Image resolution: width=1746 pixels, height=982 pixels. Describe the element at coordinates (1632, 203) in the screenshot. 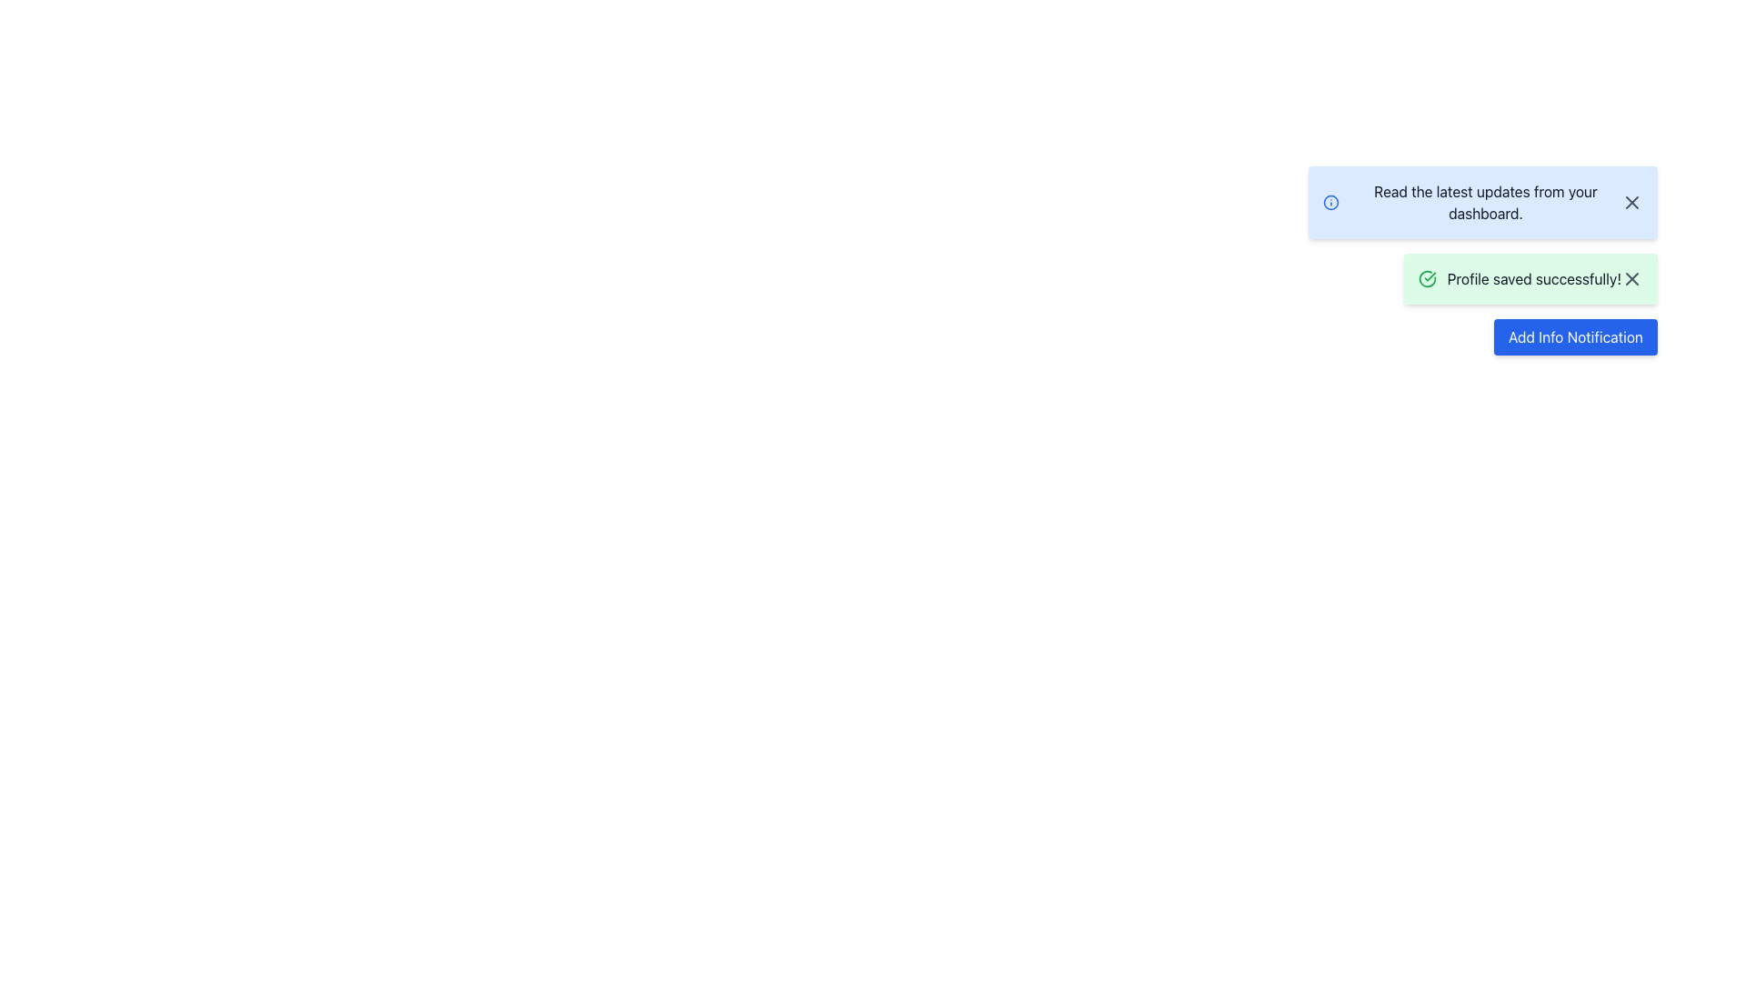

I see `the 'X' close button located in the top-right corner of the blue notification box to change its color` at that location.